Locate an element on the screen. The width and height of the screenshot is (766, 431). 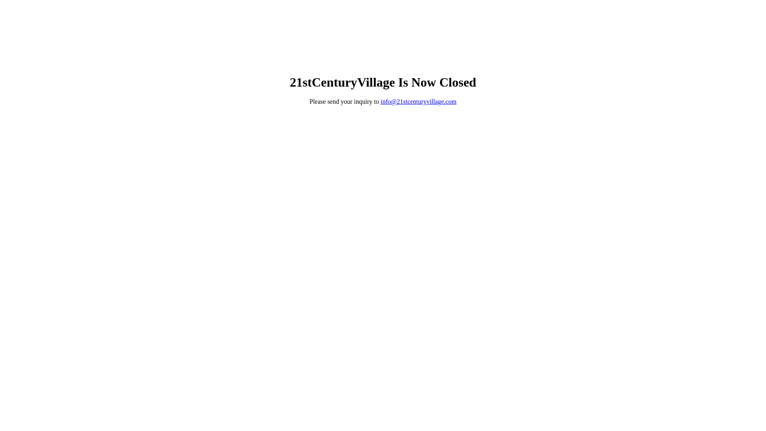
'info@21stcenturyvillage.com' is located at coordinates (418, 101).